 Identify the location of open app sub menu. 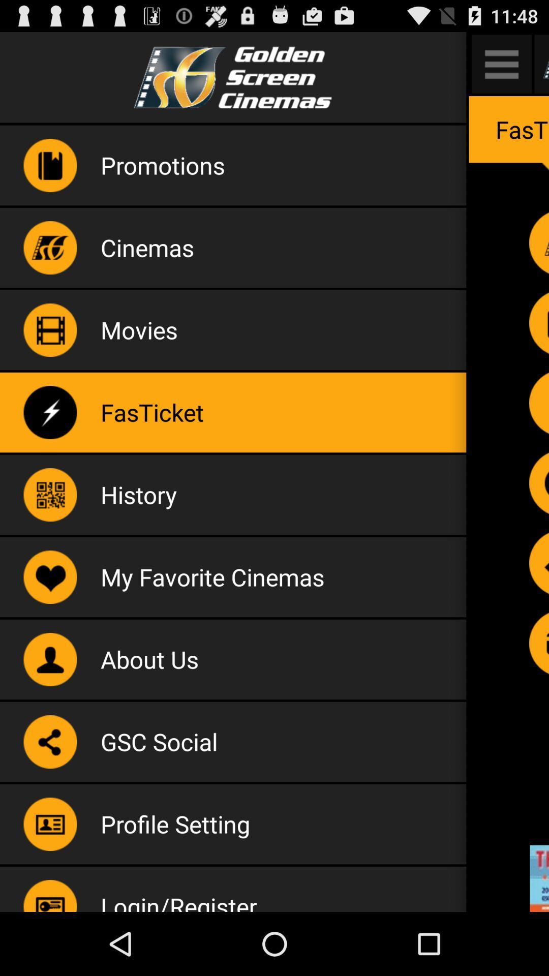
(501, 63).